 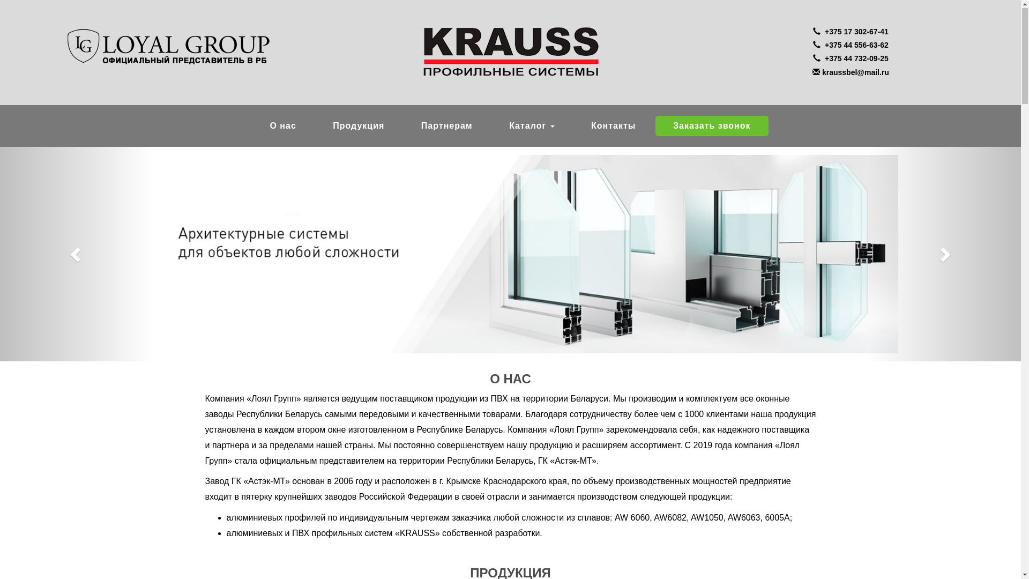 I want to click on '  +375 44 732-09-25', so click(x=850, y=59).